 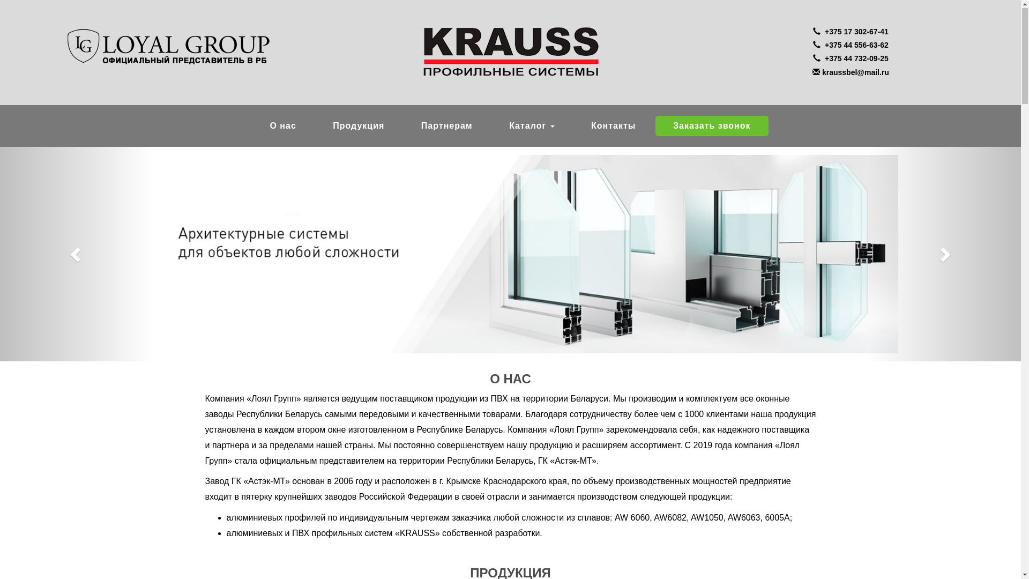 I want to click on '  +375 44 732-09-25', so click(x=850, y=59).